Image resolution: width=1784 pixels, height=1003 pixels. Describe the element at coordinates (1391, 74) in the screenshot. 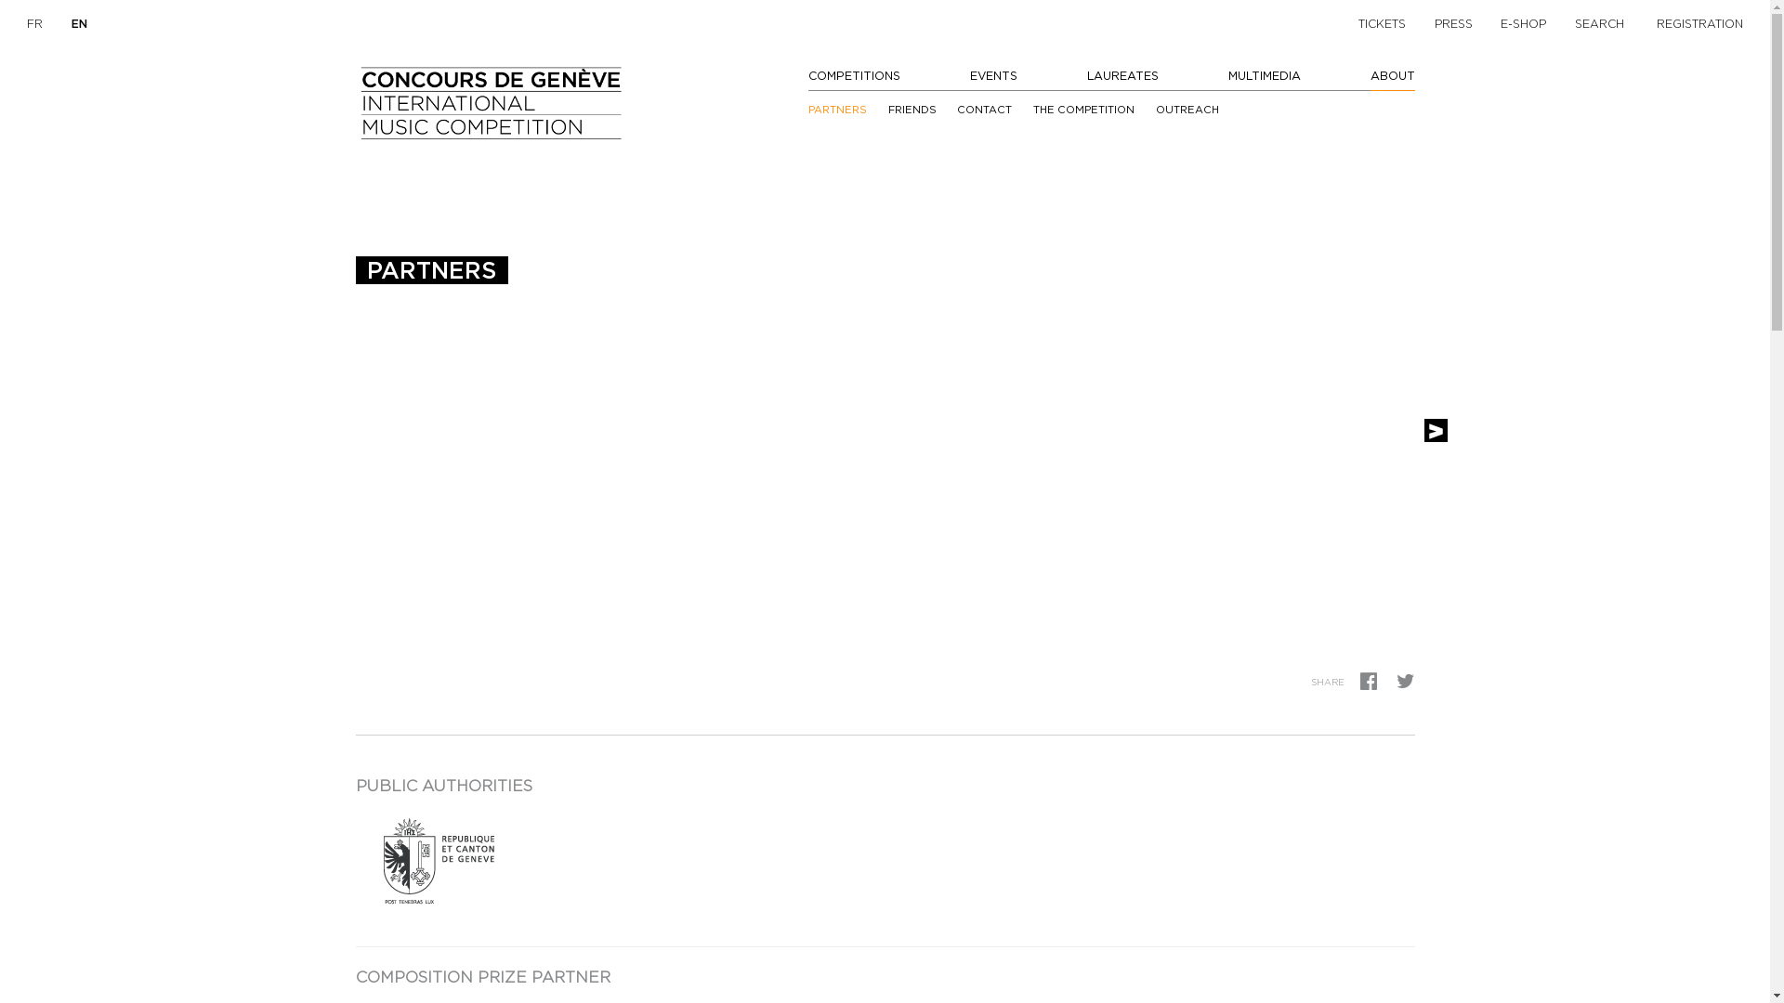

I see `'ABOUT'` at that location.